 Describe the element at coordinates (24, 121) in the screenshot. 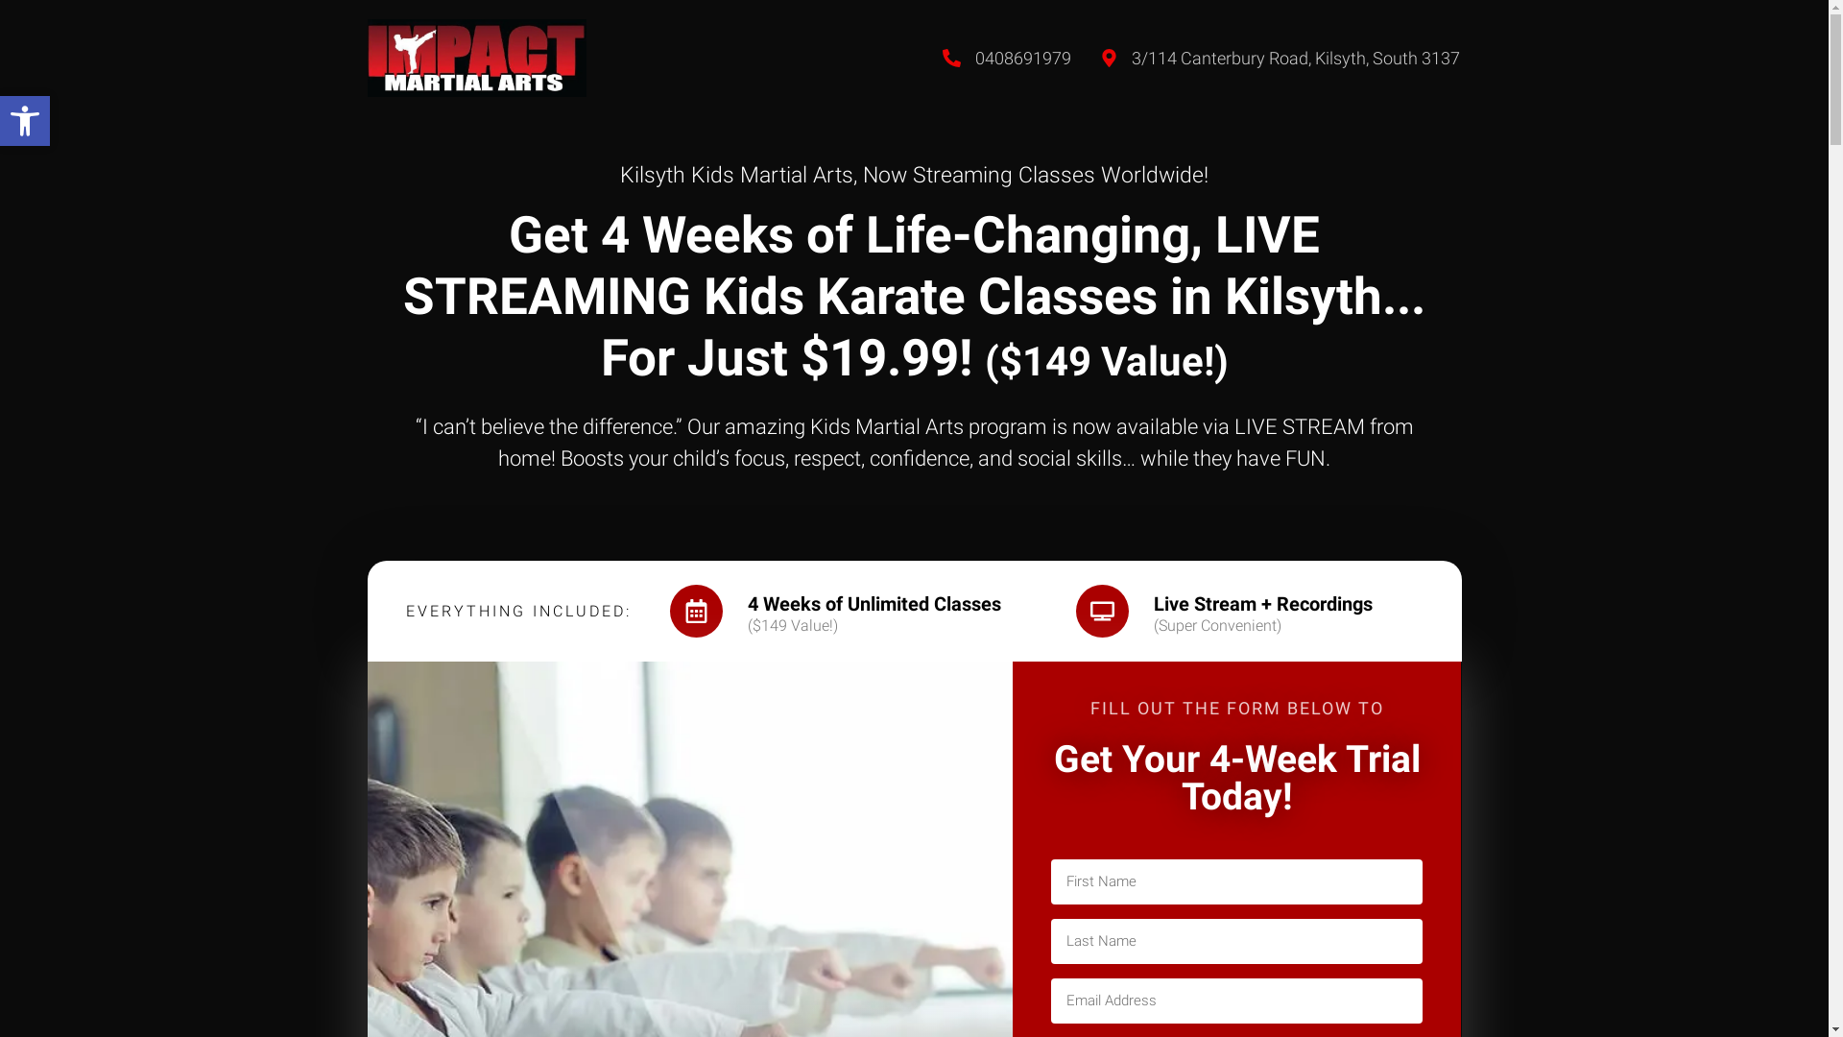

I see `'Open toolbar` at that location.